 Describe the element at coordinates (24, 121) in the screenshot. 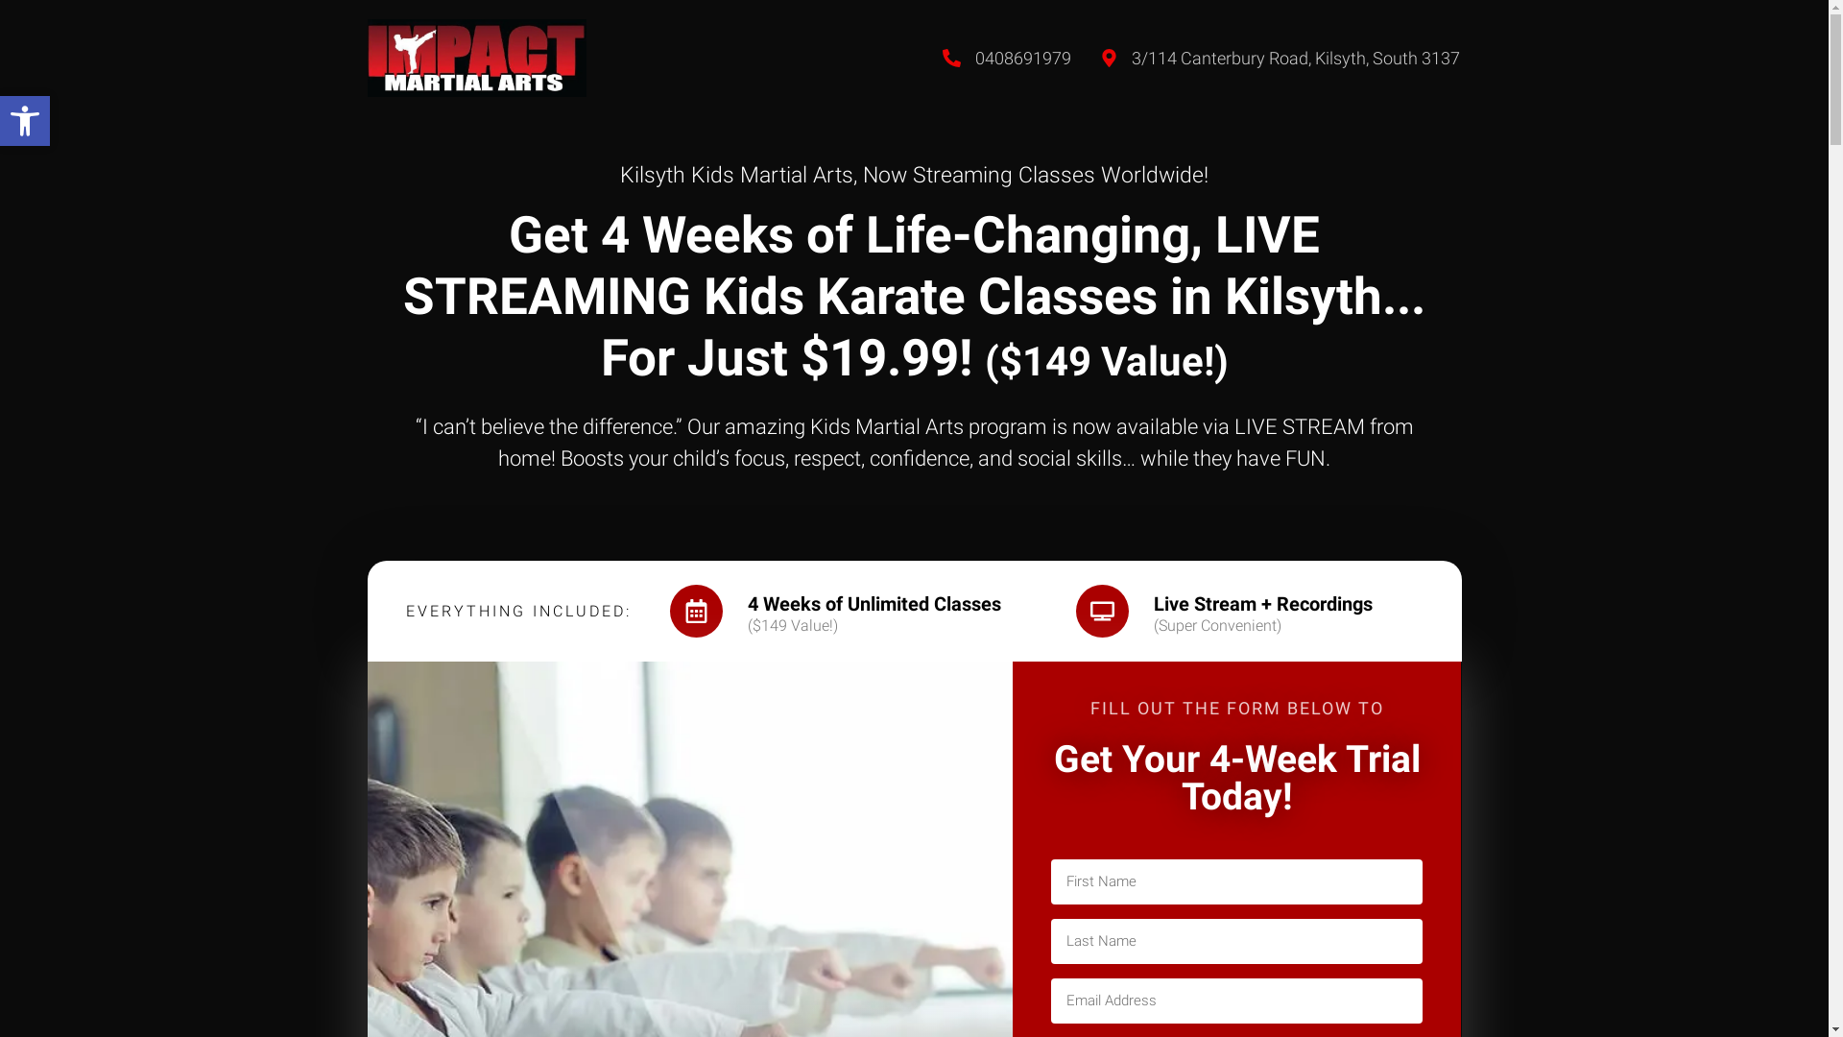

I see `'Open toolbar` at that location.